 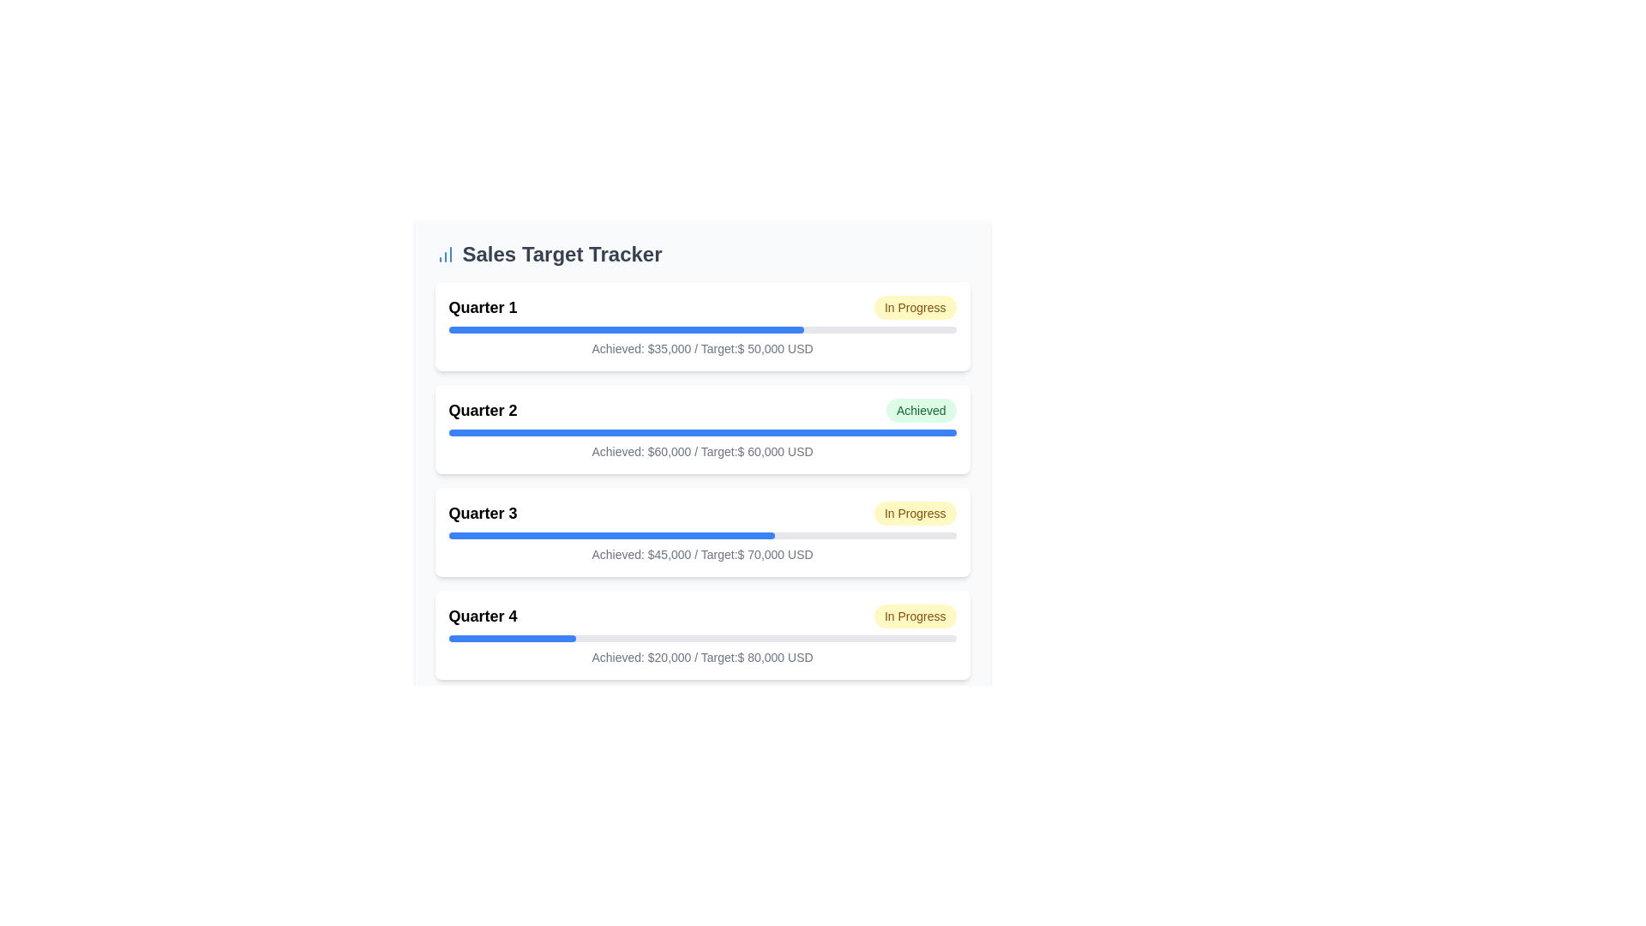 I want to click on displayed information from the progress tracking card for 'Quarter 3', which is the third card from the top in the dashboard layout, so click(x=702, y=532).